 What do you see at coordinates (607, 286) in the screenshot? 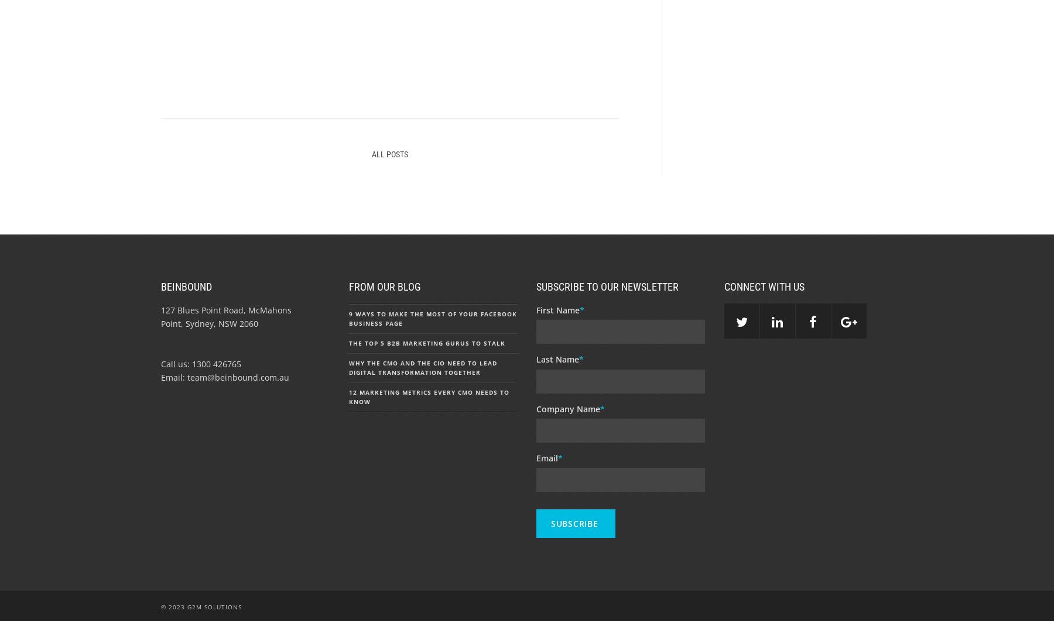
I see `'Subscribe to our Newsletter'` at bounding box center [607, 286].